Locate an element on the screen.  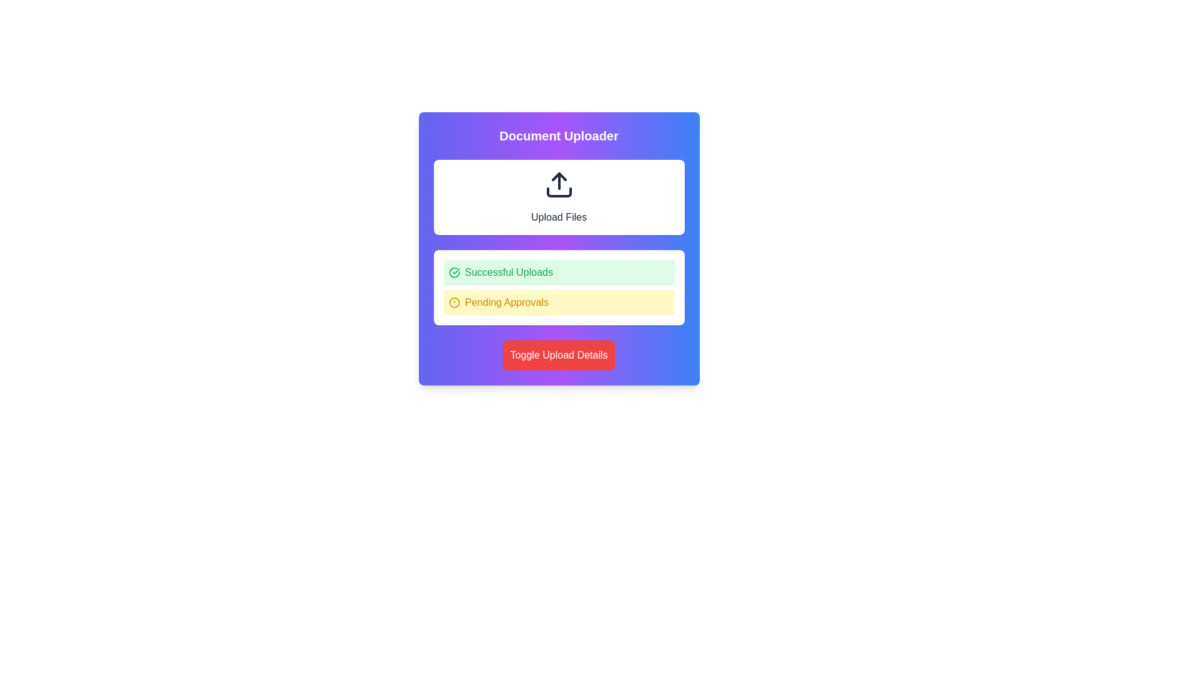
the circular alert icon with a yellow outline, positioned to the left of the 'Pending Approvals' text in the yellow-highlighted section is located at coordinates (453, 302).